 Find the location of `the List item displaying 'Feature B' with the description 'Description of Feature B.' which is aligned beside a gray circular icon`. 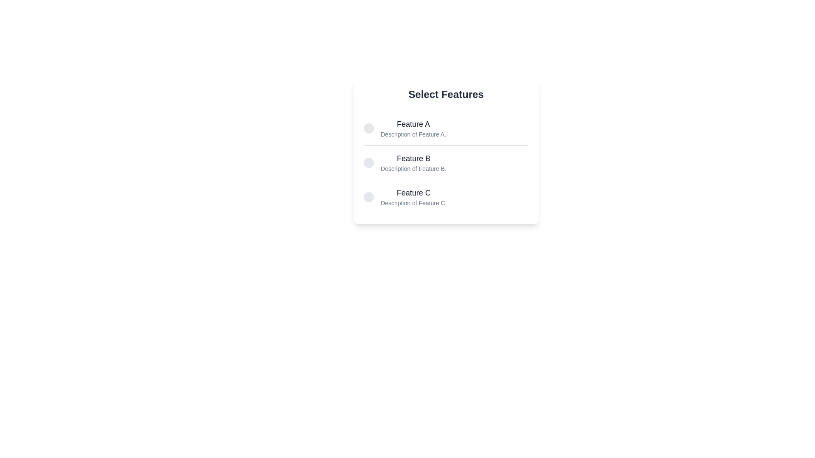

the List item displaying 'Feature B' with the description 'Description of Feature B.' which is aligned beside a gray circular icon is located at coordinates (405, 163).